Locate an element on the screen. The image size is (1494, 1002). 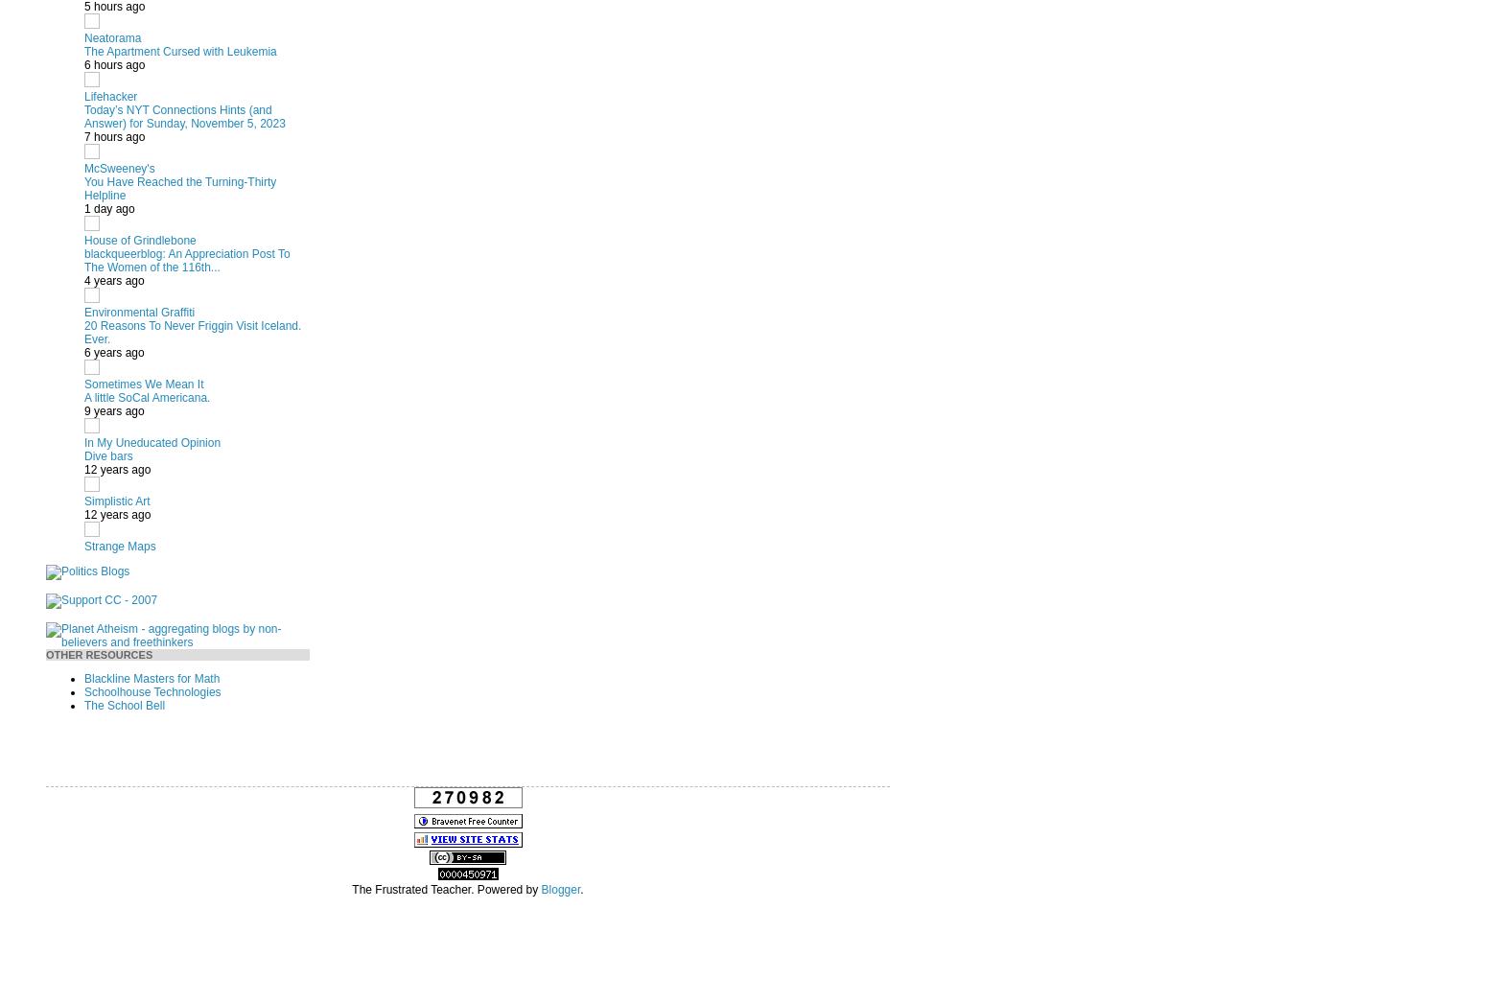
'The School Bell' is located at coordinates (123, 703).